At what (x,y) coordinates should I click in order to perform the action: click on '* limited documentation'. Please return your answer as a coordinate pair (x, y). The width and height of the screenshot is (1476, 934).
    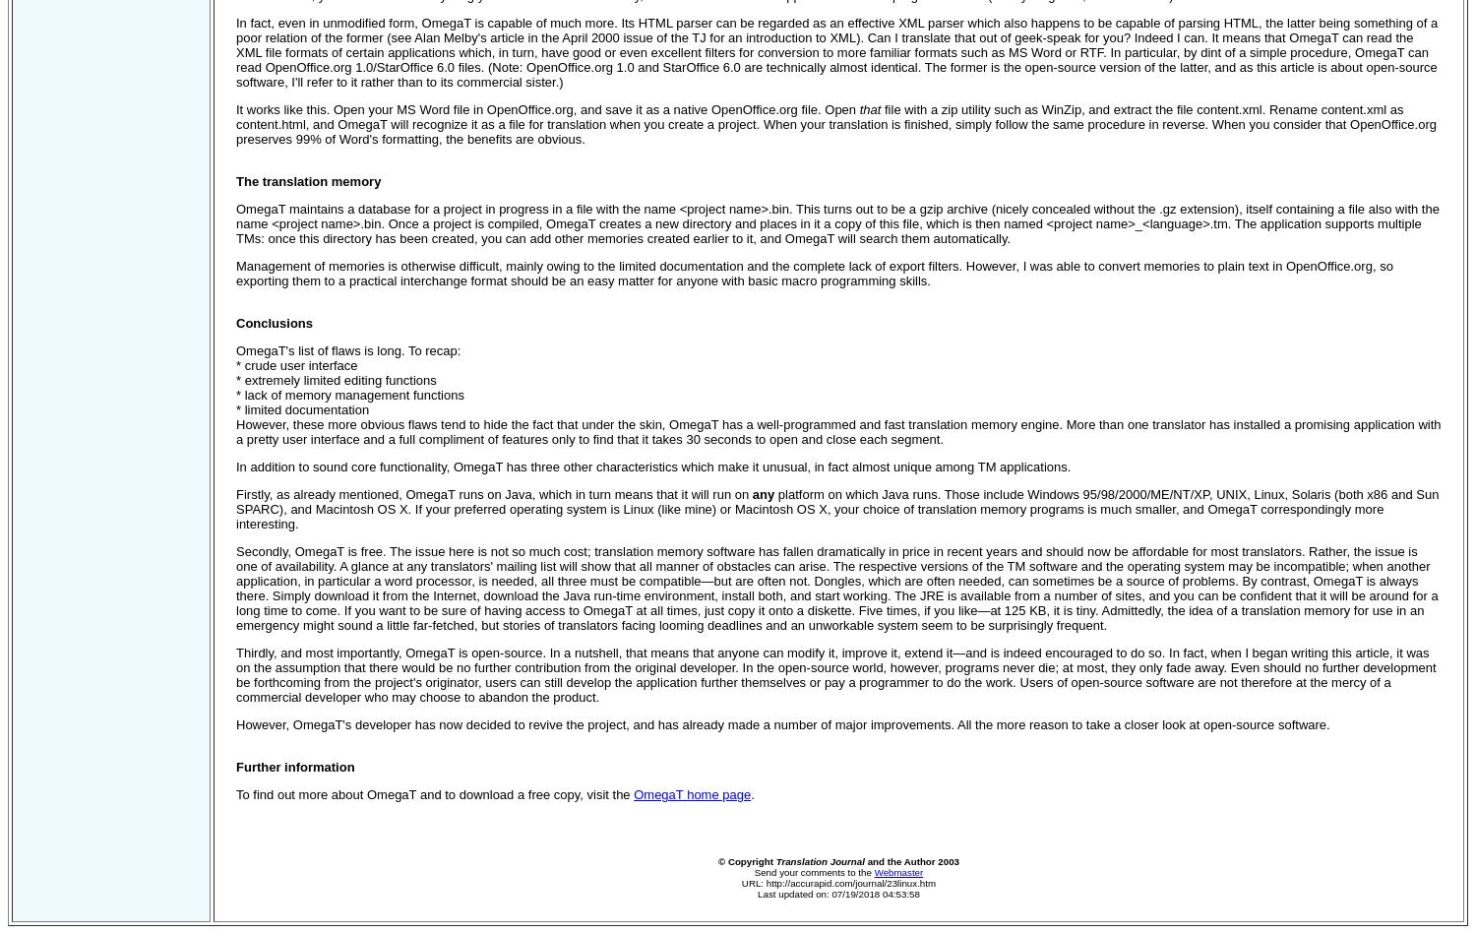
    Looking at the image, I should click on (302, 409).